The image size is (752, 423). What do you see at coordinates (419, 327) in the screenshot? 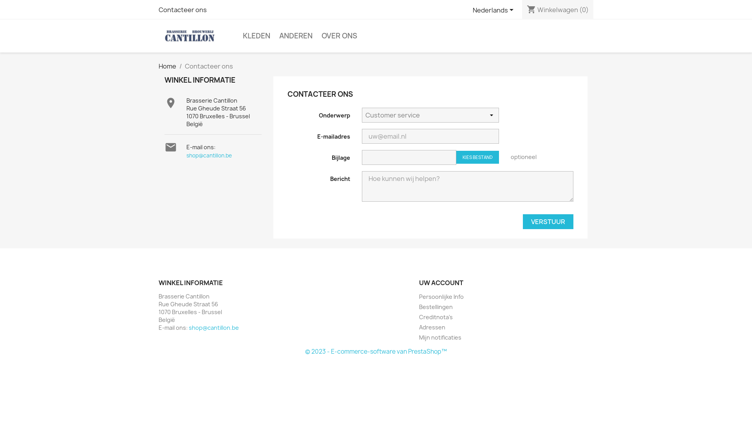
I see `'Adressen'` at bounding box center [419, 327].